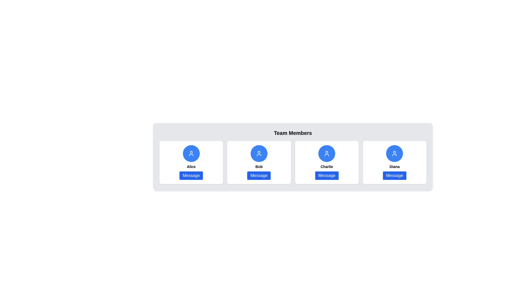 This screenshot has height=284, width=506. What do you see at coordinates (259, 175) in the screenshot?
I see `the 'Message' button with a blue background and white text, positioned below the label 'Bob' in the second card of a grid layout to observe its hover effect` at bounding box center [259, 175].